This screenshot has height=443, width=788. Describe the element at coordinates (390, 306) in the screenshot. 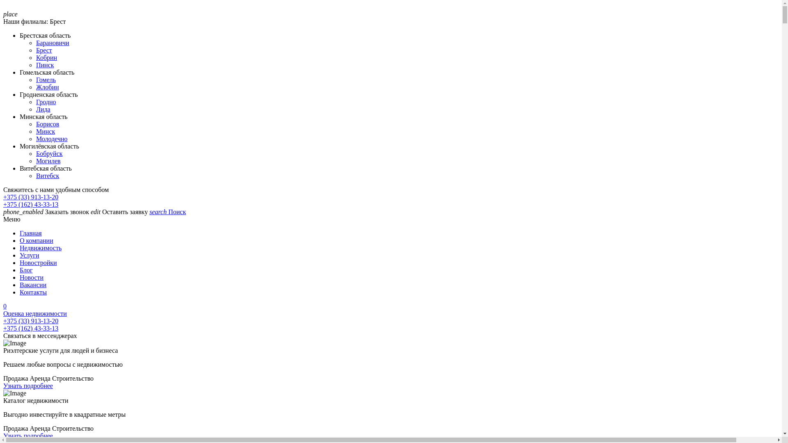

I see `'0'` at that location.